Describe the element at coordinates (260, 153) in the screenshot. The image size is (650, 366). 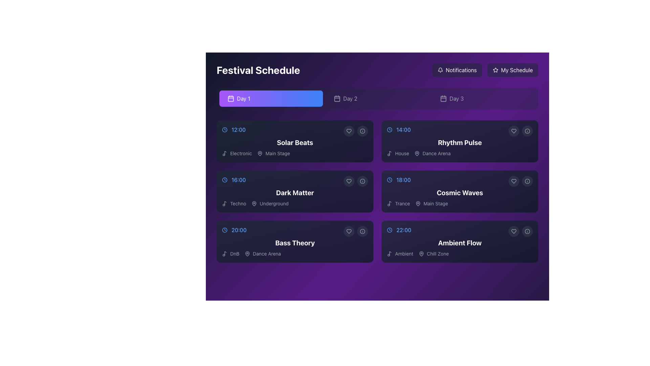
I see `the map pin icon located next to the 'Electronic' label under the 'Solar Beats' item in the festival schedule for 'Day 1'` at that location.